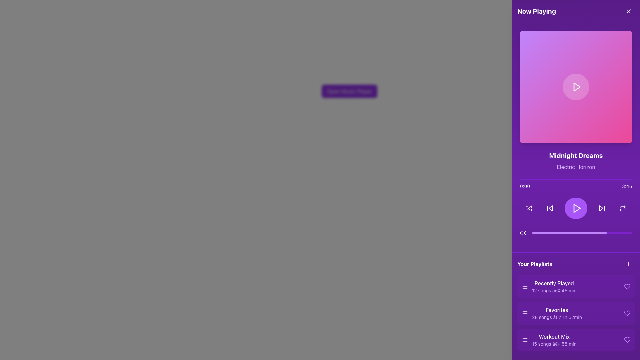 The height and width of the screenshot is (360, 640). I want to click on the second button from the left in the bottom row of control buttons to skip to the previous track, so click(550, 208).